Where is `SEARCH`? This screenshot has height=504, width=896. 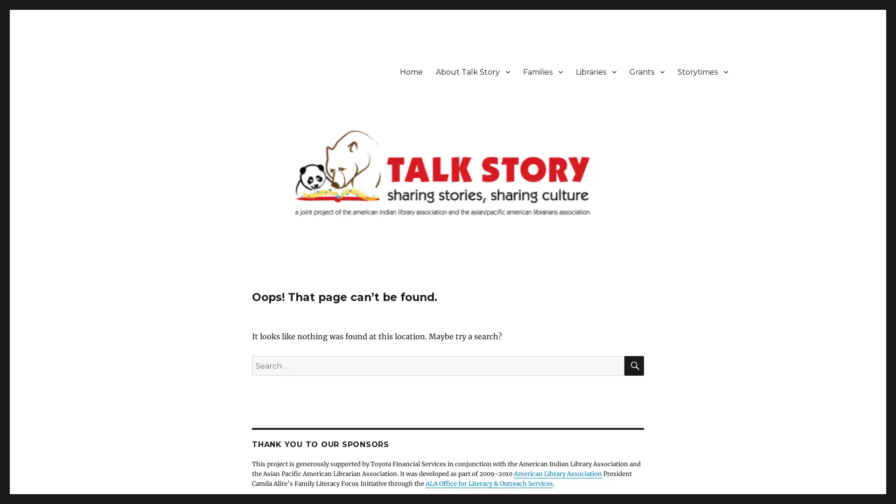 SEARCH is located at coordinates (634, 365).